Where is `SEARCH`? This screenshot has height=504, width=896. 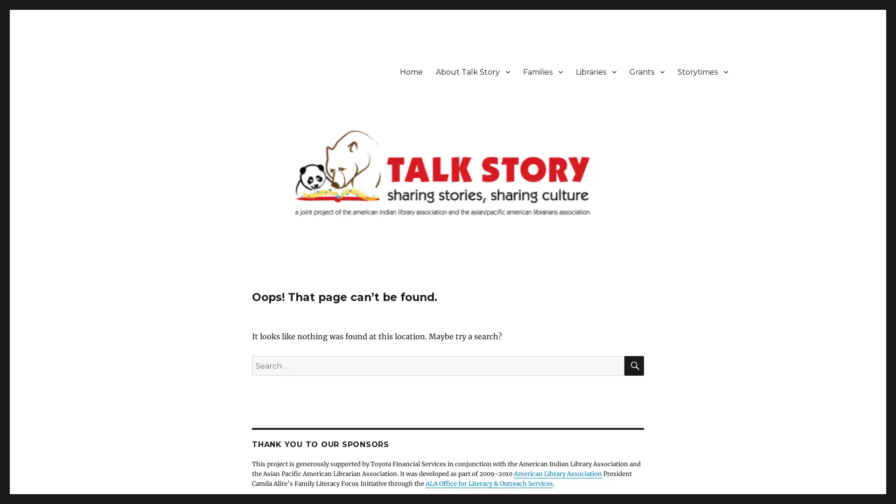 SEARCH is located at coordinates (634, 365).